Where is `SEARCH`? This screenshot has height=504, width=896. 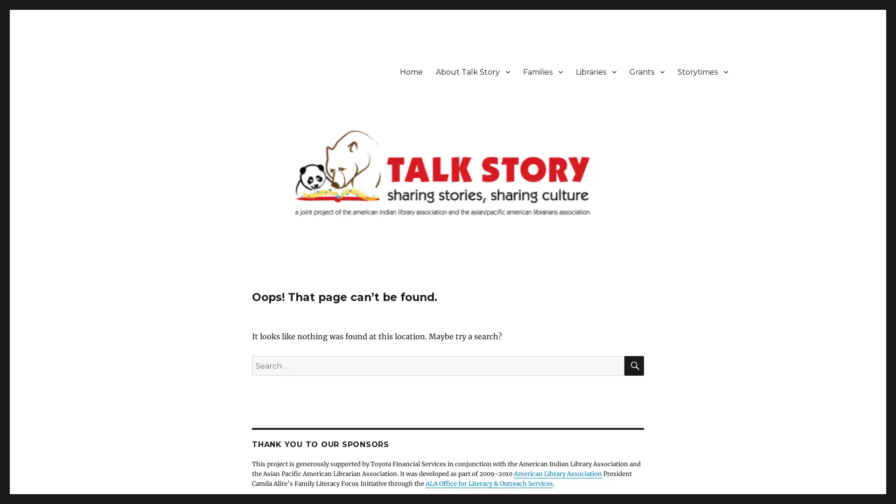 SEARCH is located at coordinates (634, 365).